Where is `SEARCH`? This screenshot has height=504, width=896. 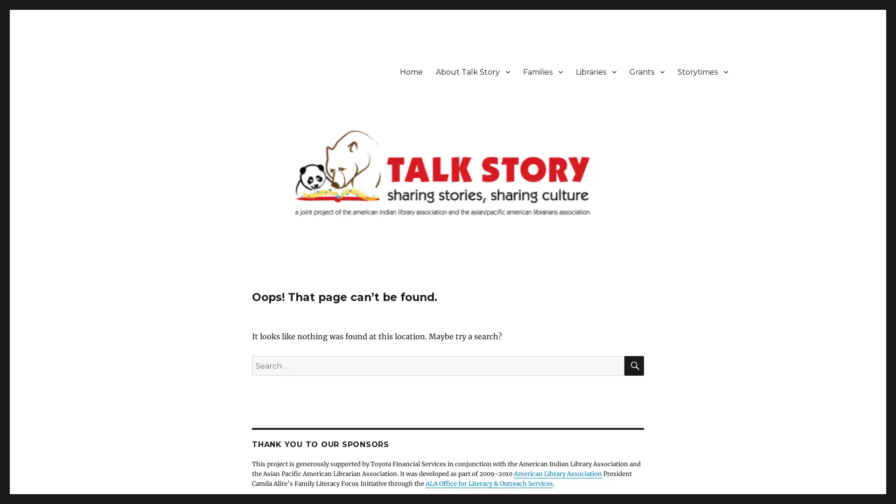 SEARCH is located at coordinates (634, 365).